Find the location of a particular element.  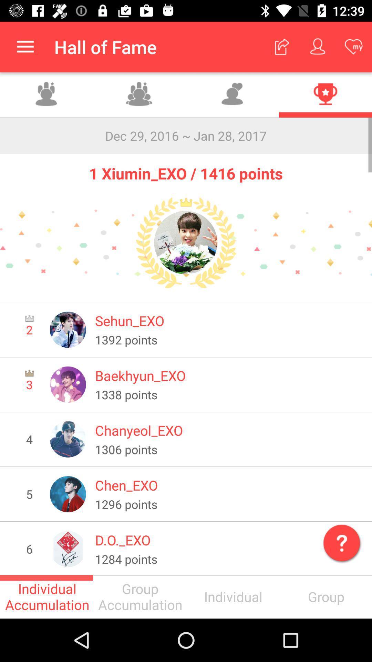

idol rankings is located at coordinates (325, 94).